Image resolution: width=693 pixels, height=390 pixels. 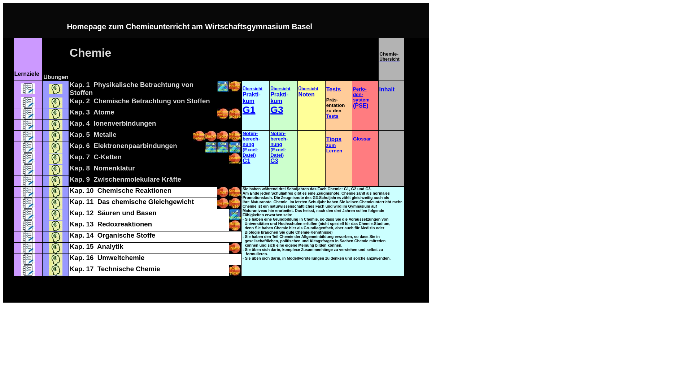 What do you see at coordinates (249, 155) in the screenshot?
I see `'Datei)'` at bounding box center [249, 155].